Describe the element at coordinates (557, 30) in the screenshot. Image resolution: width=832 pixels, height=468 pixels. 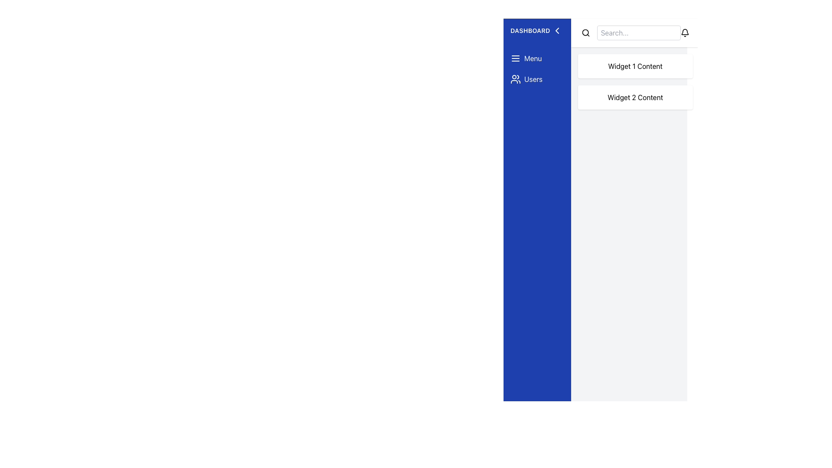
I see `the back or collapse button located in the top section of the left vertical blue navigation sidebar, next to the text 'Dashboard'` at that location.